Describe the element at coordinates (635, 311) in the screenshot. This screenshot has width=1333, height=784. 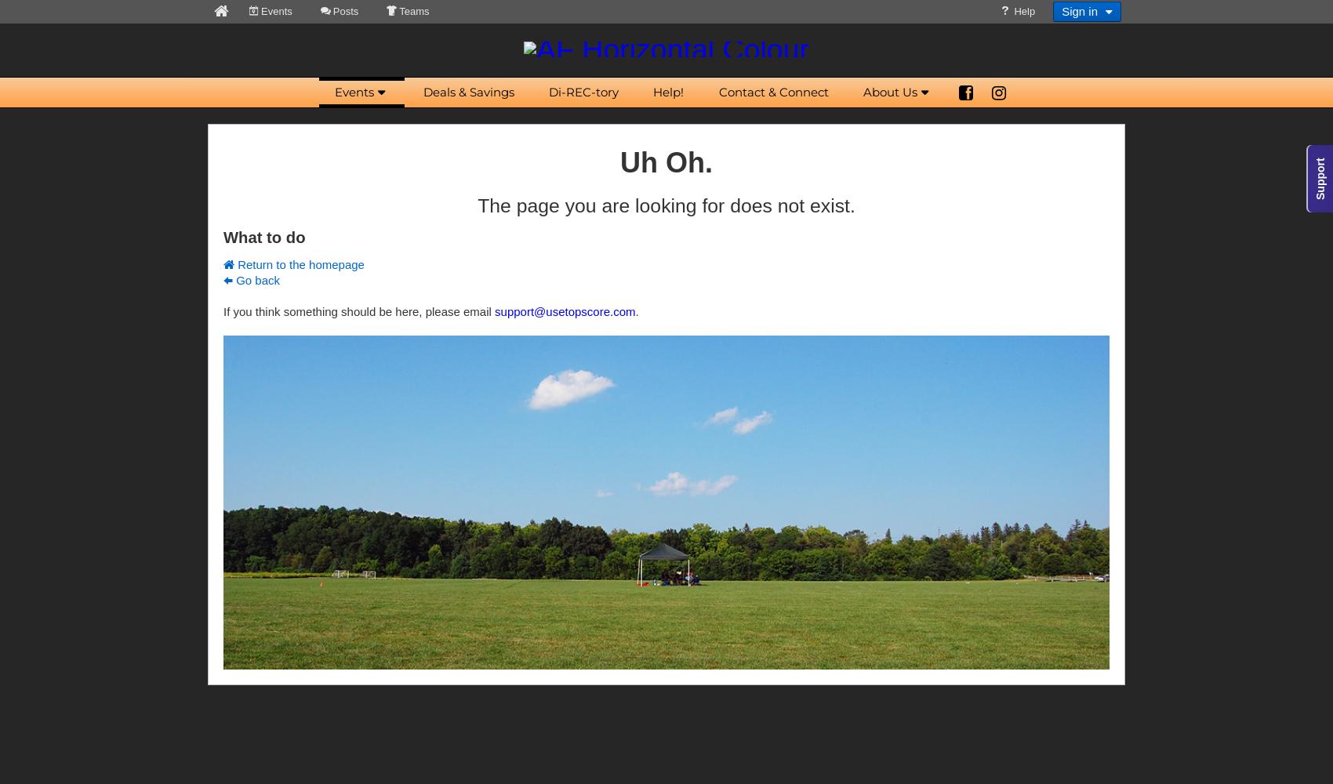
I see `'.'` at that location.